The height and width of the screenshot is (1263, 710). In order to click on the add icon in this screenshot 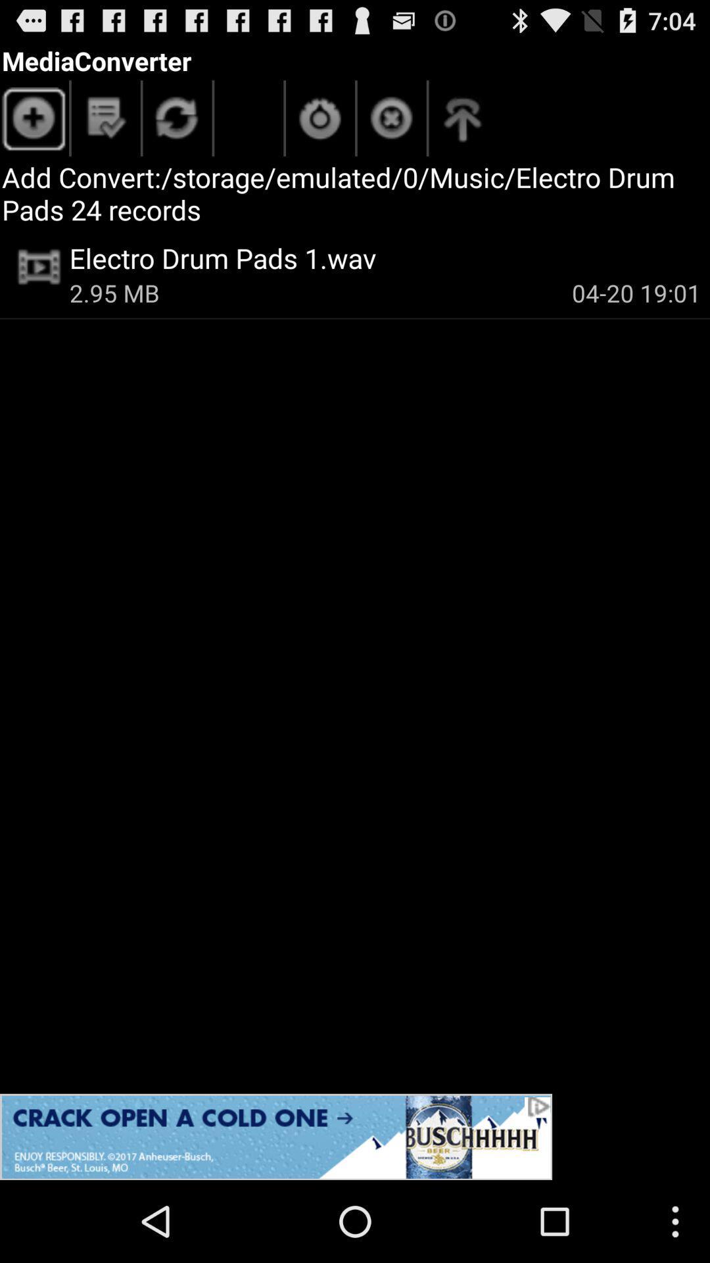, I will do `click(34, 130)`.